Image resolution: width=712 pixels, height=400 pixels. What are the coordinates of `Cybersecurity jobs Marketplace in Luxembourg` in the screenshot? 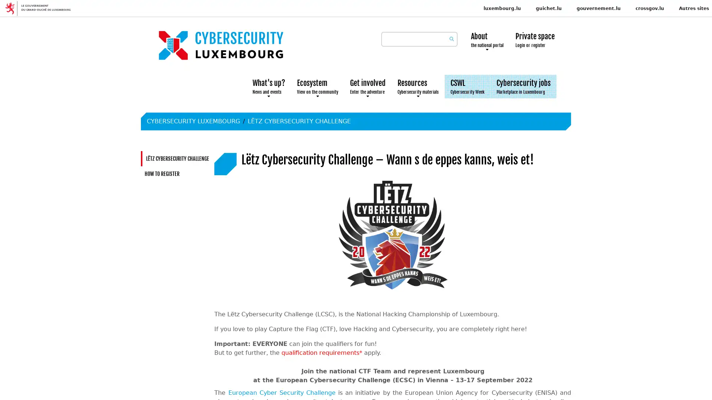 It's located at (523, 86).